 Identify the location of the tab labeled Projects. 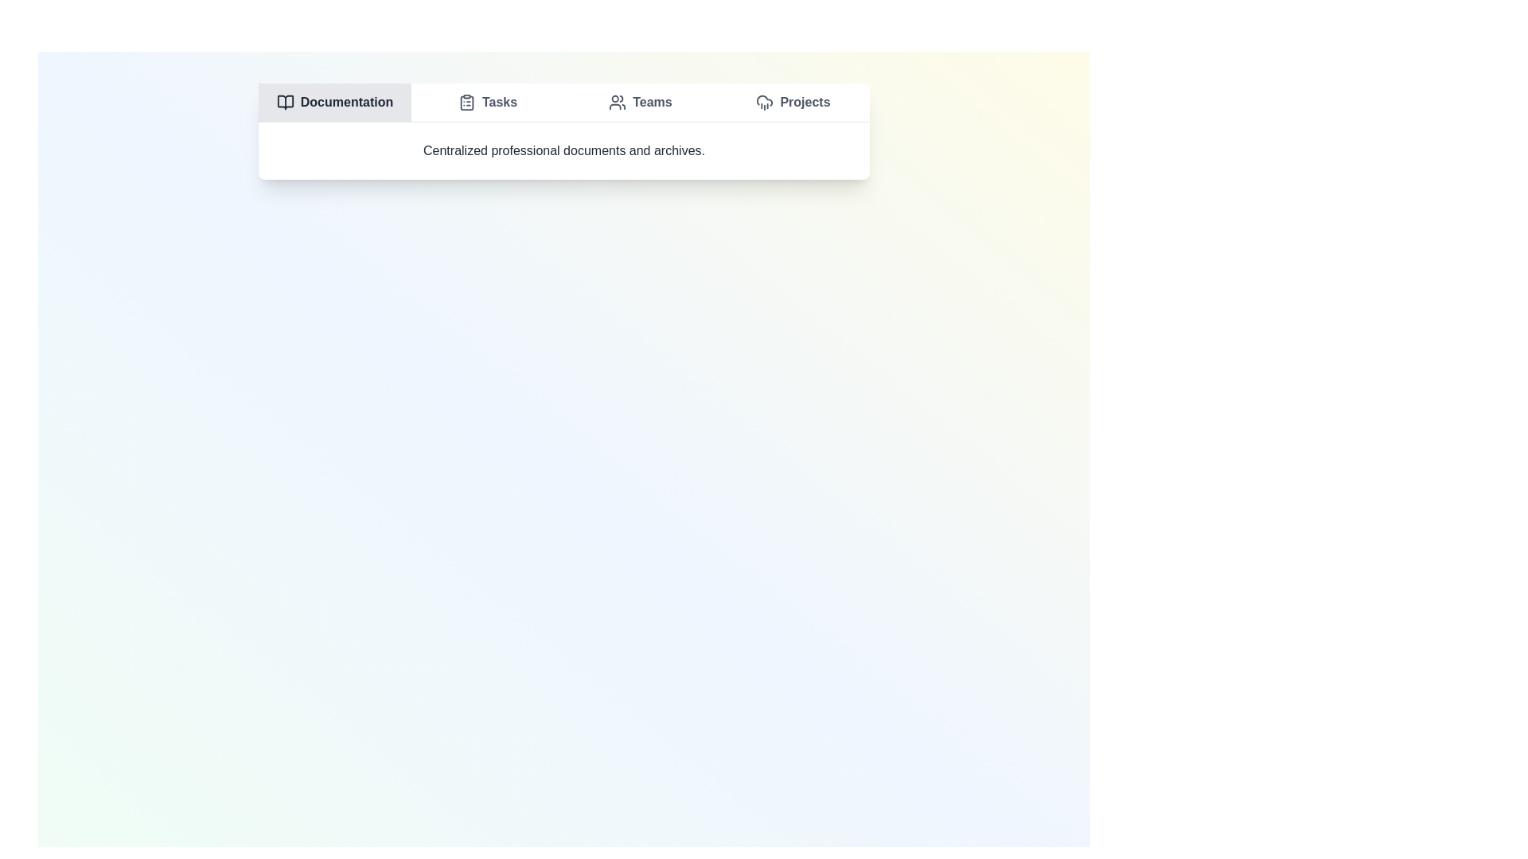
(793, 102).